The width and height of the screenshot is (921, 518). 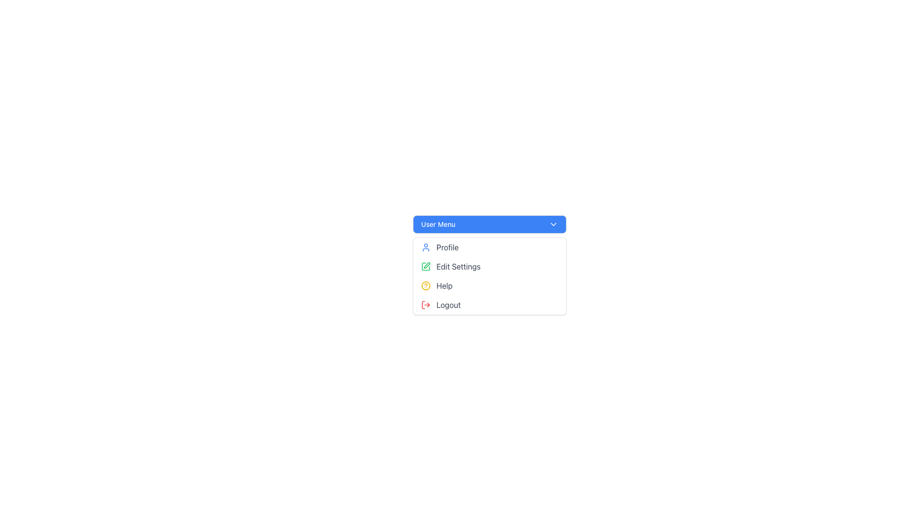 What do you see at coordinates (490, 276) in the screenshot?
I see `the dropdown menu` at bounding box center [490, 276].